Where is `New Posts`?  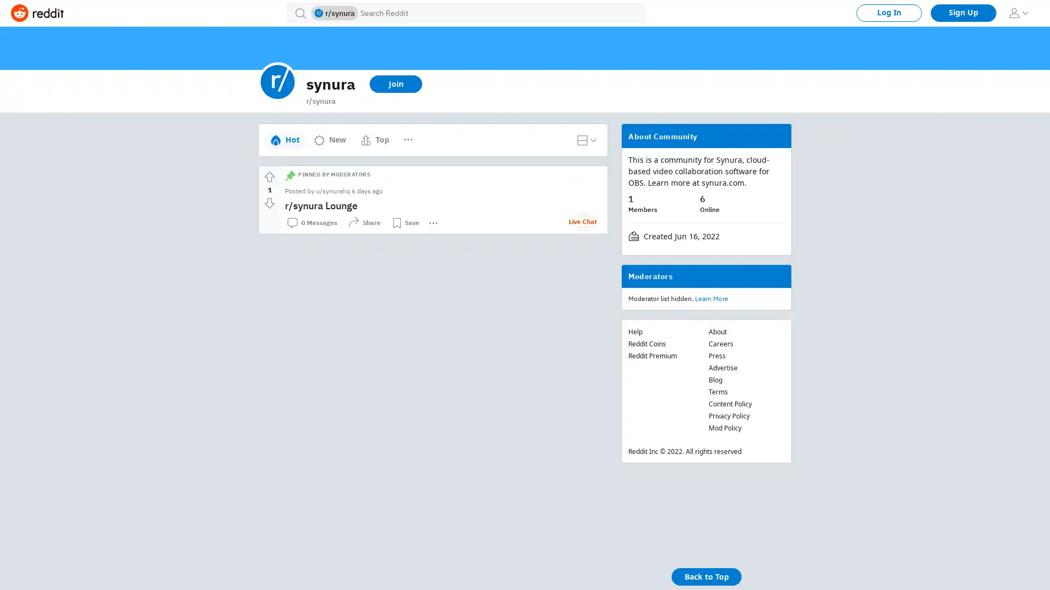 New Posts is located at coordinates (424, 134).